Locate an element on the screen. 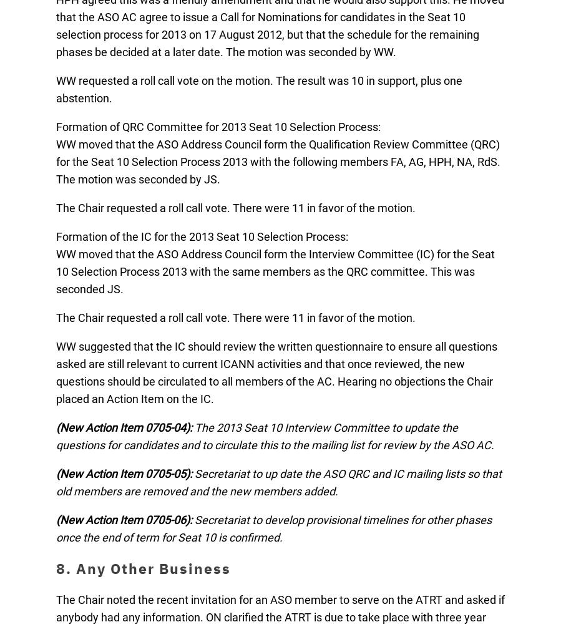 The height and width of the screenshot is (627, 571). 'WW moved that the ASO Address Council form the Qualification Review Committee (QRC) for the Seat 10 Selection Process 2013 with the following members FA, AG, HPH, NA, RdS. The motion was seconded by JS.' is located at coordinates (278, 161).